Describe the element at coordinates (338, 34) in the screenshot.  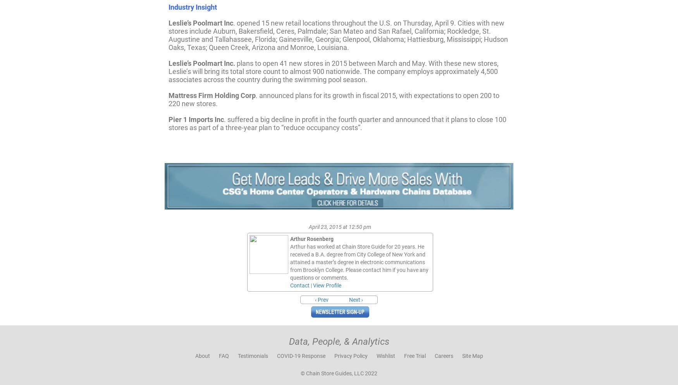
I see `'. opened 15 new retail locations throughout the U.S. on Thursday, April 9. Cities with new stores include Auburn, Bakersfield, Ceres, Palmdale; San Mateo and San Rafael, California; Rockledge, St. Augustine and Tallahassee, Florida; Gainesville, Georgia; Glenpool, Oklahoma; Hattiesburg, Mississippi; Hudson Oaks, Texas; Queen Creek, Arizona and Monroe, Louisiana.'` at that location.